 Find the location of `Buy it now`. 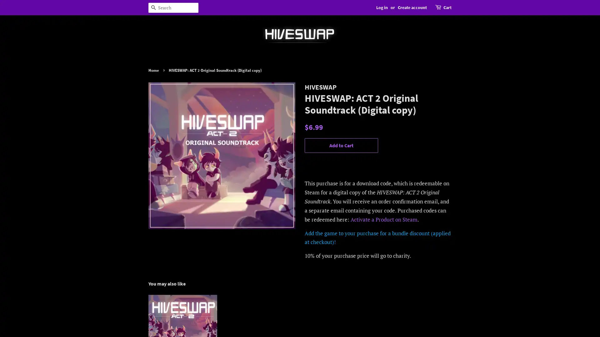

Buy it now is located at coordinates (341, 163).